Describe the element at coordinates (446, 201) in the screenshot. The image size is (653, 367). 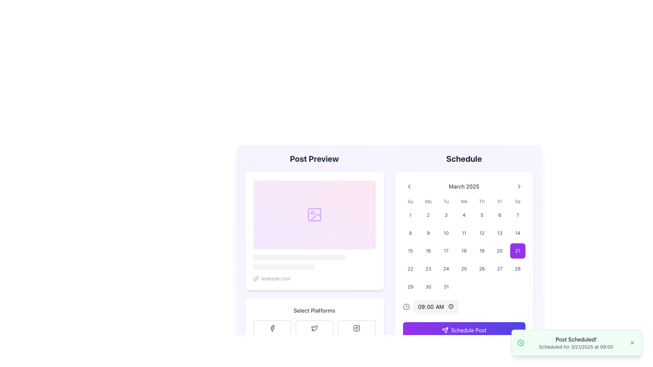
I see `the non-interactive text label for Tuesdays in the calendar view, which is the third entry in the row of weekday abbreviations, located between 'Mo' and 'We'` at that location.